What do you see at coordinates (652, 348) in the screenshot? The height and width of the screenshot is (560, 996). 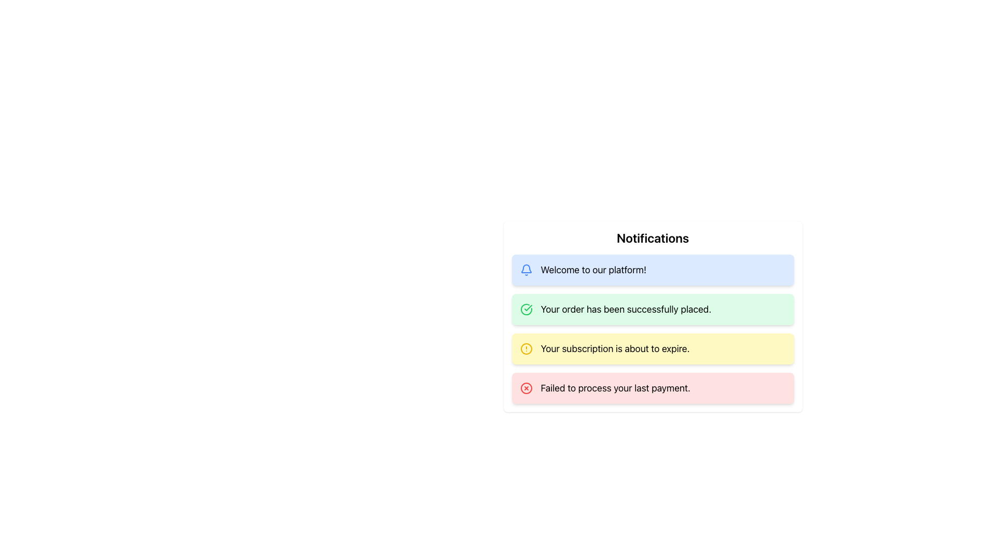 I see `notification message indicating that the subscription is about to expire, which features a yellow background and a warning icon` at bounding box center [652, 348].